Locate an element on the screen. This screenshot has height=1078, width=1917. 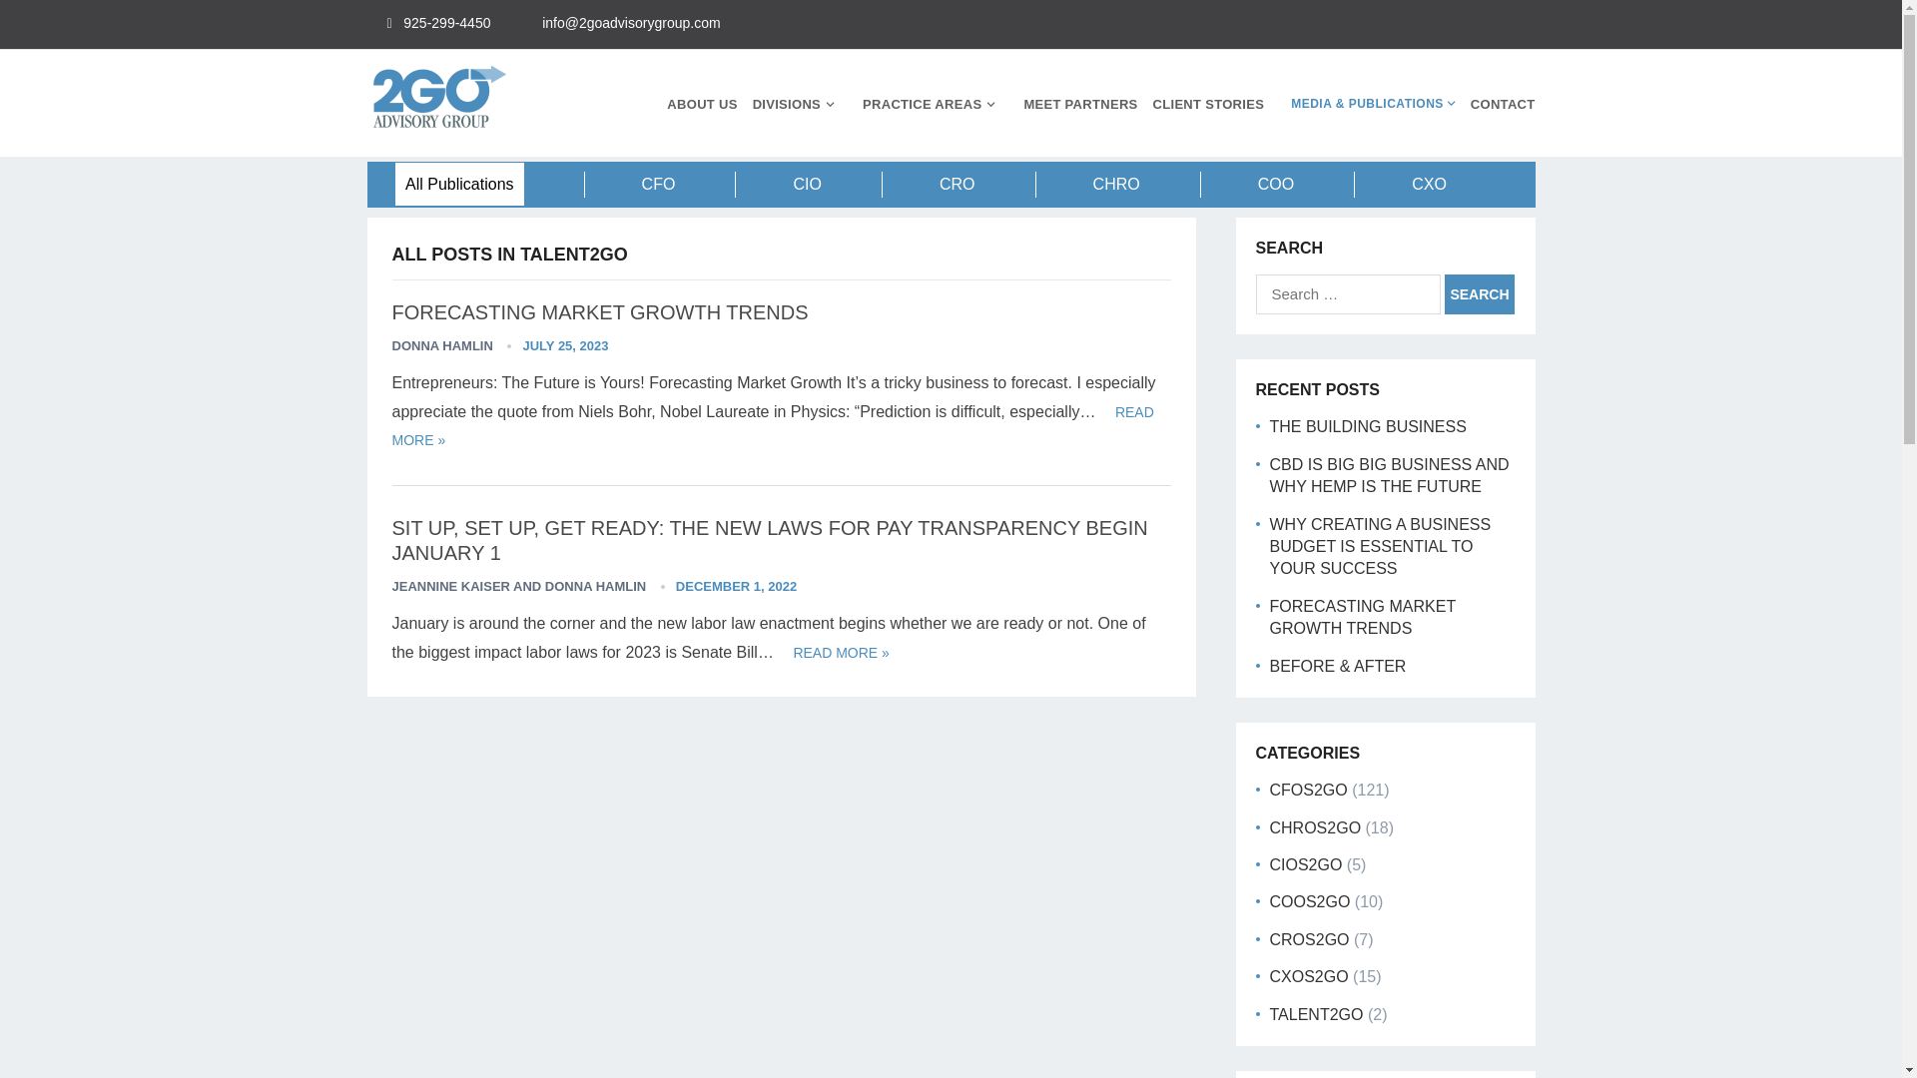
'CBD IS BIG BIG BUSINESS AND WHY HEMP IS THE FUTURE' is located at coordinates (1389, 475).